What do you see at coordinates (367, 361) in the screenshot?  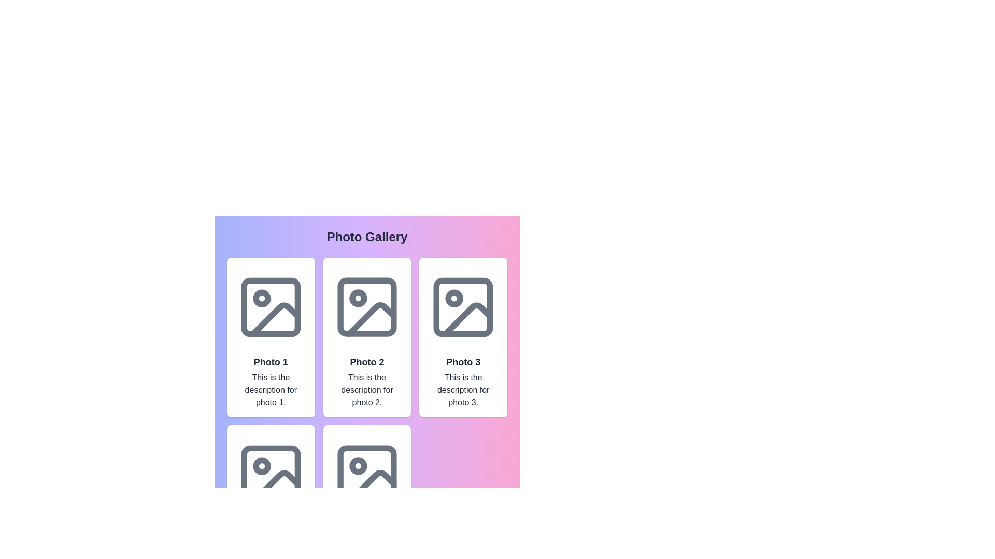 I see `the Text Label that serves as a title for the content within the central card of the three-column photo gallery layout` at bounding box center [367, 361].